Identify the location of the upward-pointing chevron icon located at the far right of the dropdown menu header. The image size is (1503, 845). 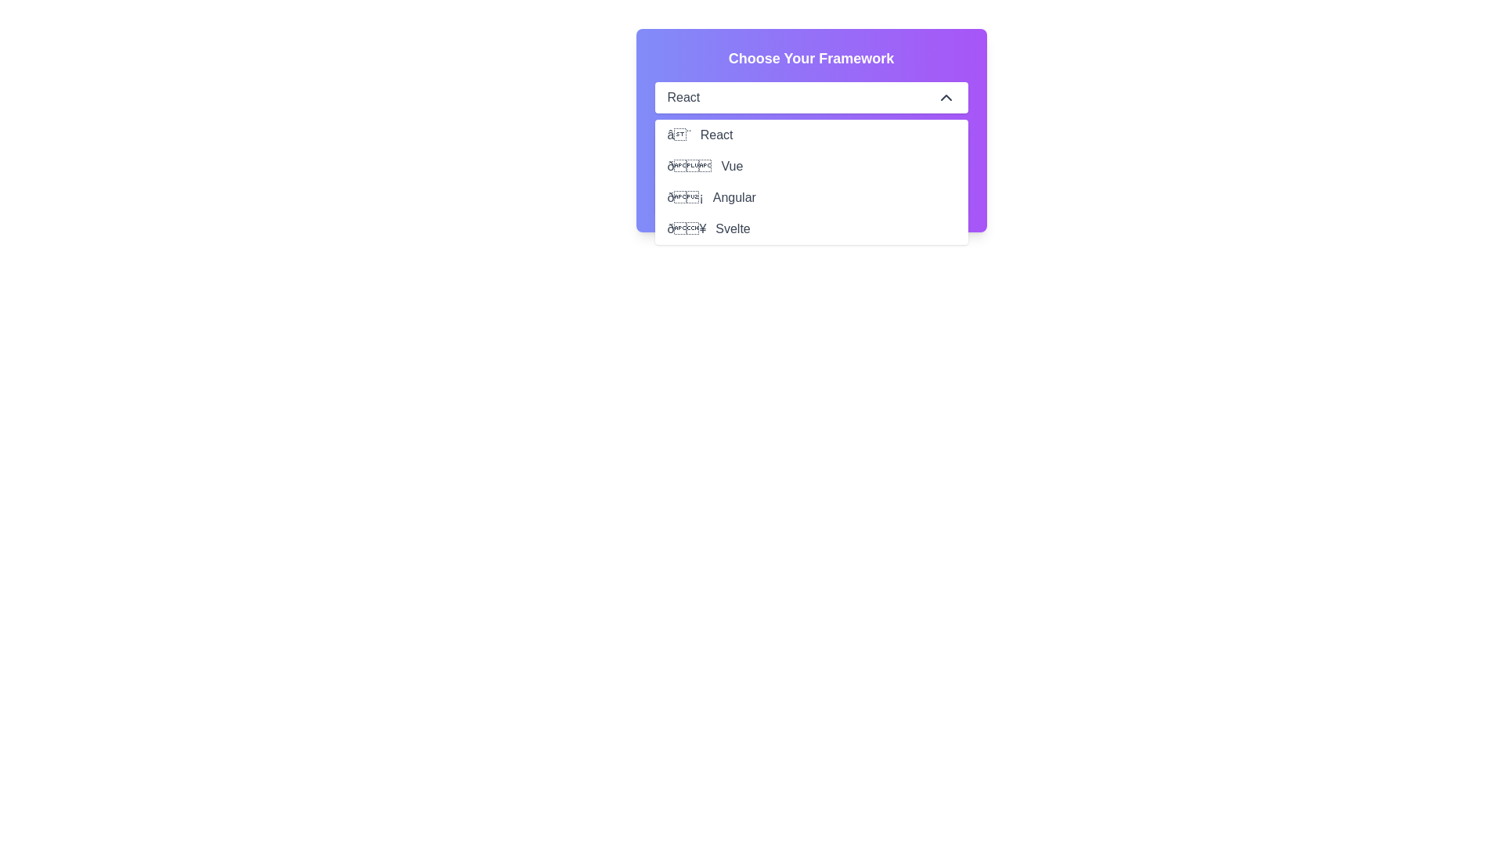
(945, 97).